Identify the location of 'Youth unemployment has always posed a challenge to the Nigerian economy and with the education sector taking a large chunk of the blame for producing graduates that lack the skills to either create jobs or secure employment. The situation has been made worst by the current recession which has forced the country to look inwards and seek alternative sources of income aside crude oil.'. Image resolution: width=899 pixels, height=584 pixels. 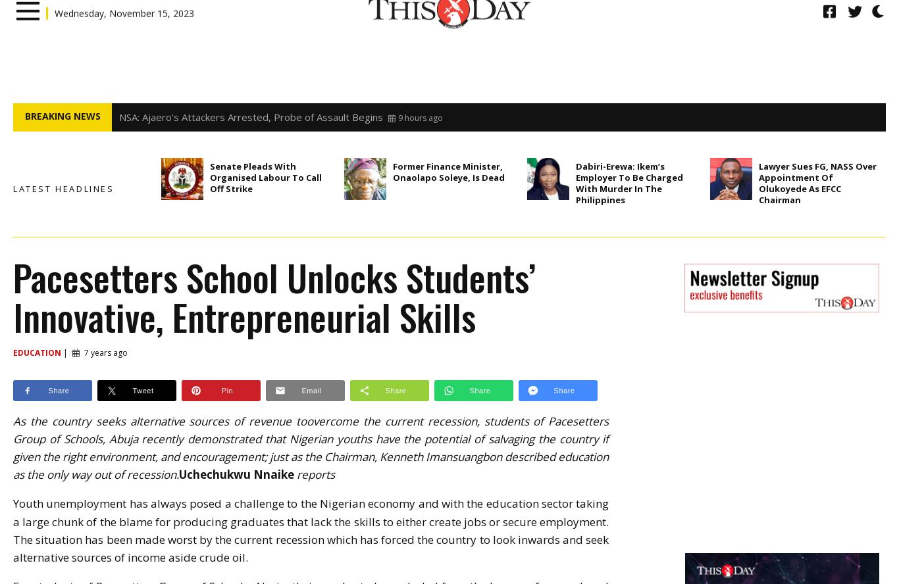
(311, 530).